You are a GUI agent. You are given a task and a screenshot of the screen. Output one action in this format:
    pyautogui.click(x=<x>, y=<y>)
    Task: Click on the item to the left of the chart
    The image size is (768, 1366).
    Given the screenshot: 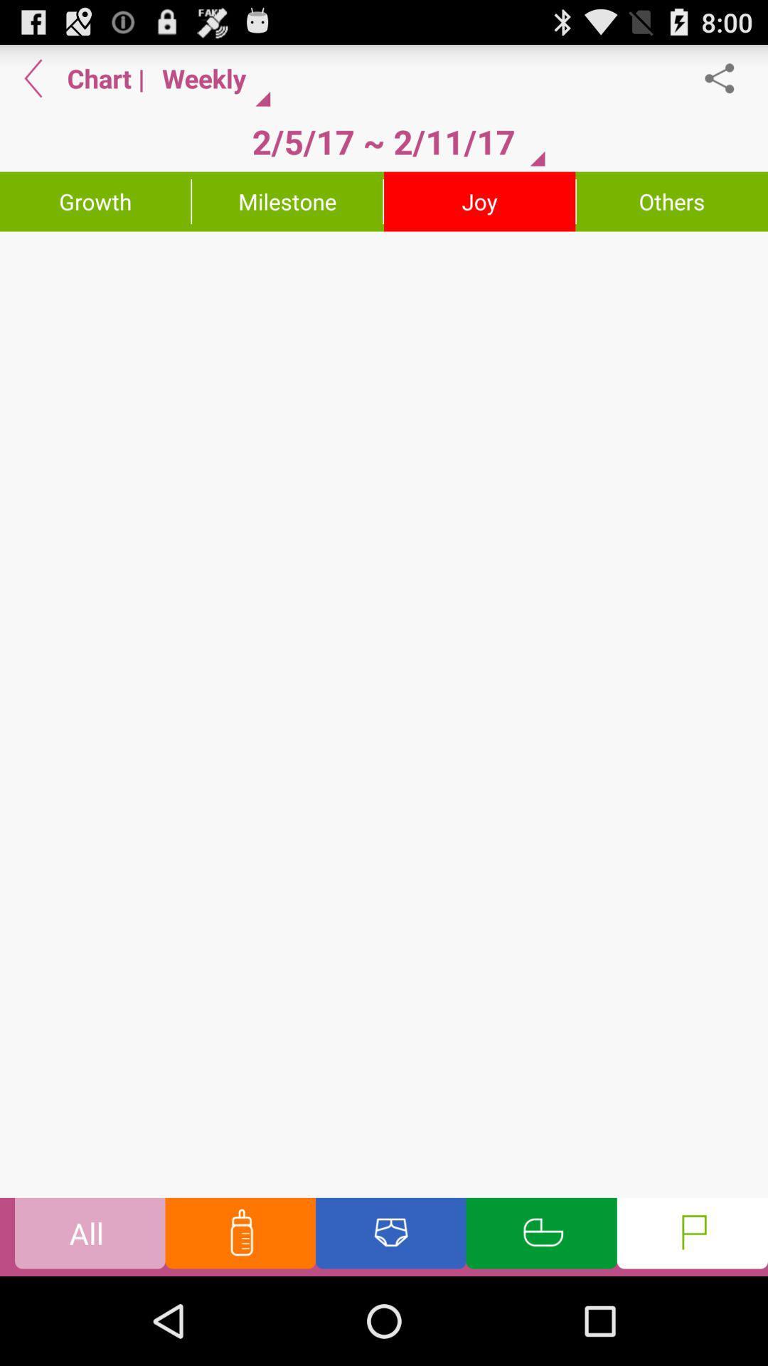 What is the action you would take?
    pyautogui.click(x=33, y=78)
    